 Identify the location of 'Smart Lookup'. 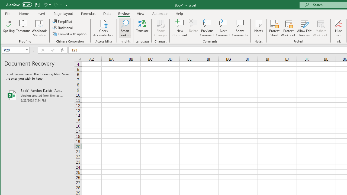
(125, 28).